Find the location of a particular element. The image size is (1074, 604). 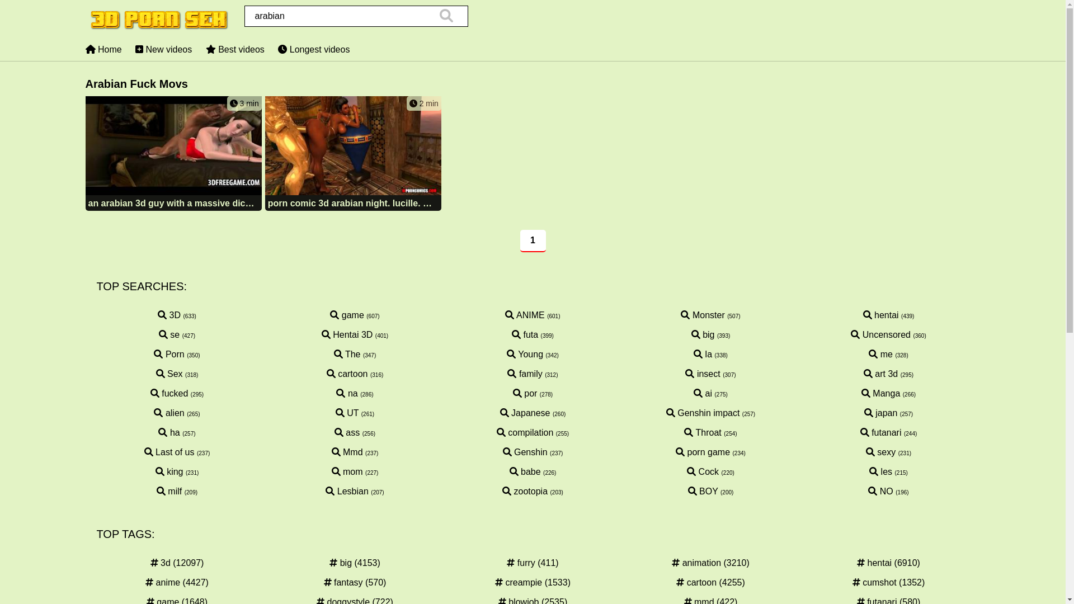

'UT' is located at coordinates (335, 413).